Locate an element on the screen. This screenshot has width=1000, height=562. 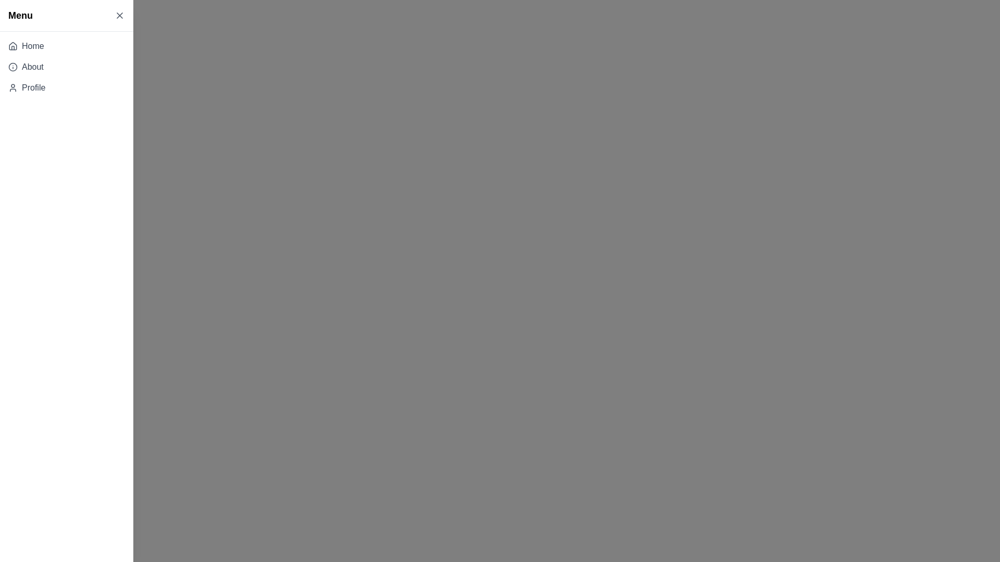
the static text label located in the upper-left section of the header bar, which indicates the purpose of the menu section is located at coordinates (20, 16).